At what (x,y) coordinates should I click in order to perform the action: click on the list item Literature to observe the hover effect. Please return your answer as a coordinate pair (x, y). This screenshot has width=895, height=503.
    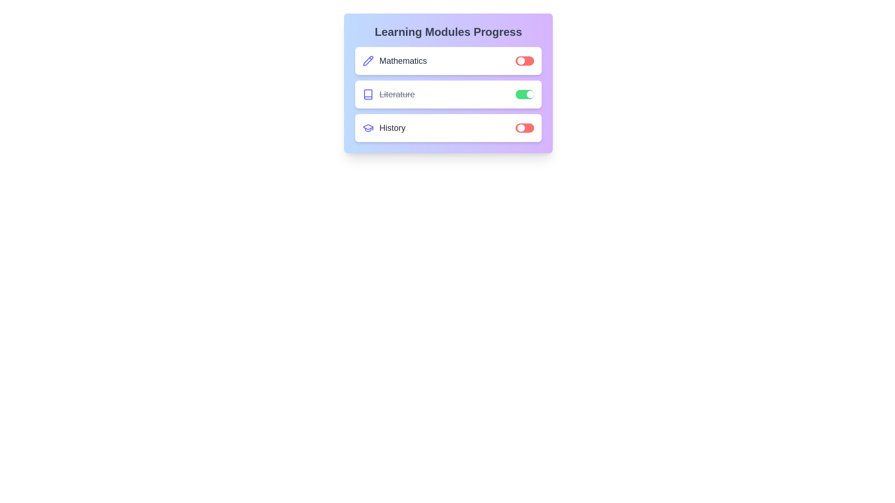
    Looking at the image, I should click on (448, 95).